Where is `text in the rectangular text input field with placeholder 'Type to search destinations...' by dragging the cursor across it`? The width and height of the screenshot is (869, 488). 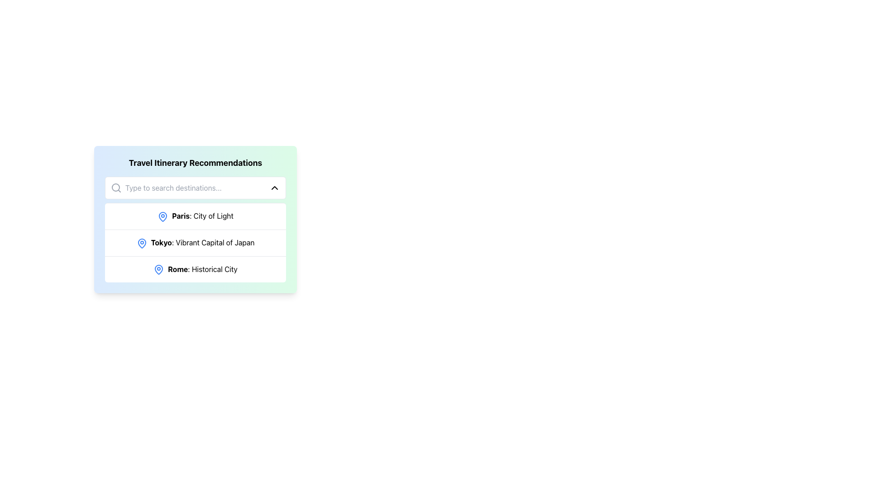
text in the rectangular text input field with placeholder 'Type to search destinations...' by dragging the cursor across it is located at coordinates (197, 188).